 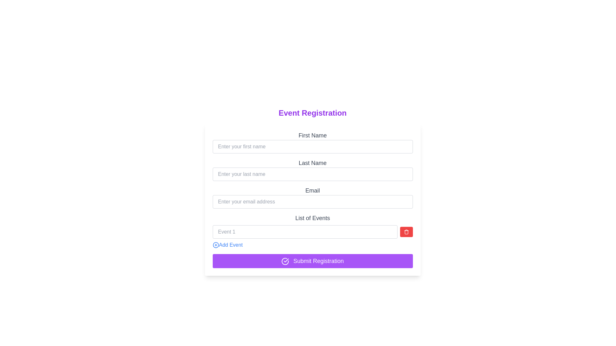 What do you see at coordinates (216, 245) in the screenshot?
I see `the circular outline icon located below the 'List of Events' text input and adjacent to the 'Add Event' label` at bounding box center [216, 245].